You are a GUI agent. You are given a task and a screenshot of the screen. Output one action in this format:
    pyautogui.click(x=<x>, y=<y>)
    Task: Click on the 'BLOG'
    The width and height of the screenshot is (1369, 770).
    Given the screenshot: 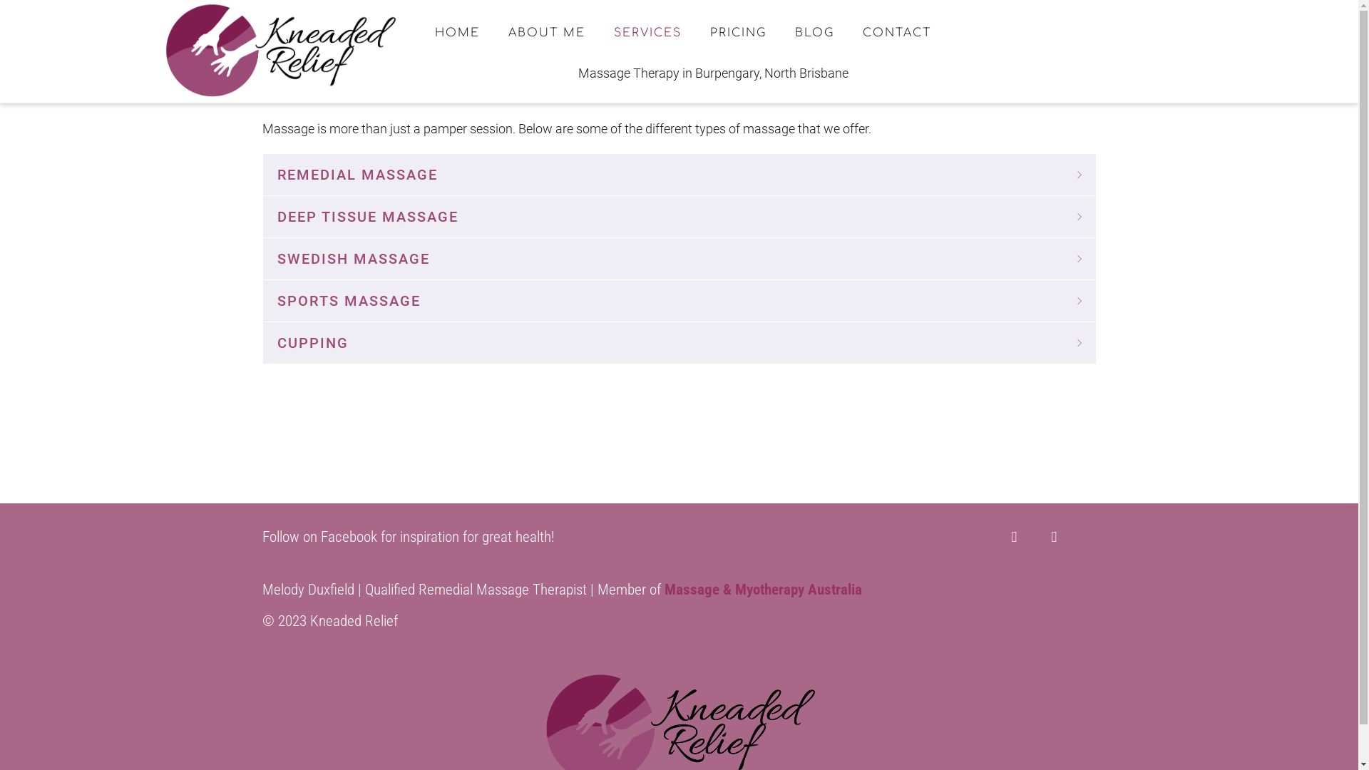 What is the action you would take?
    pyautogui.click(x=814, y=32)
    